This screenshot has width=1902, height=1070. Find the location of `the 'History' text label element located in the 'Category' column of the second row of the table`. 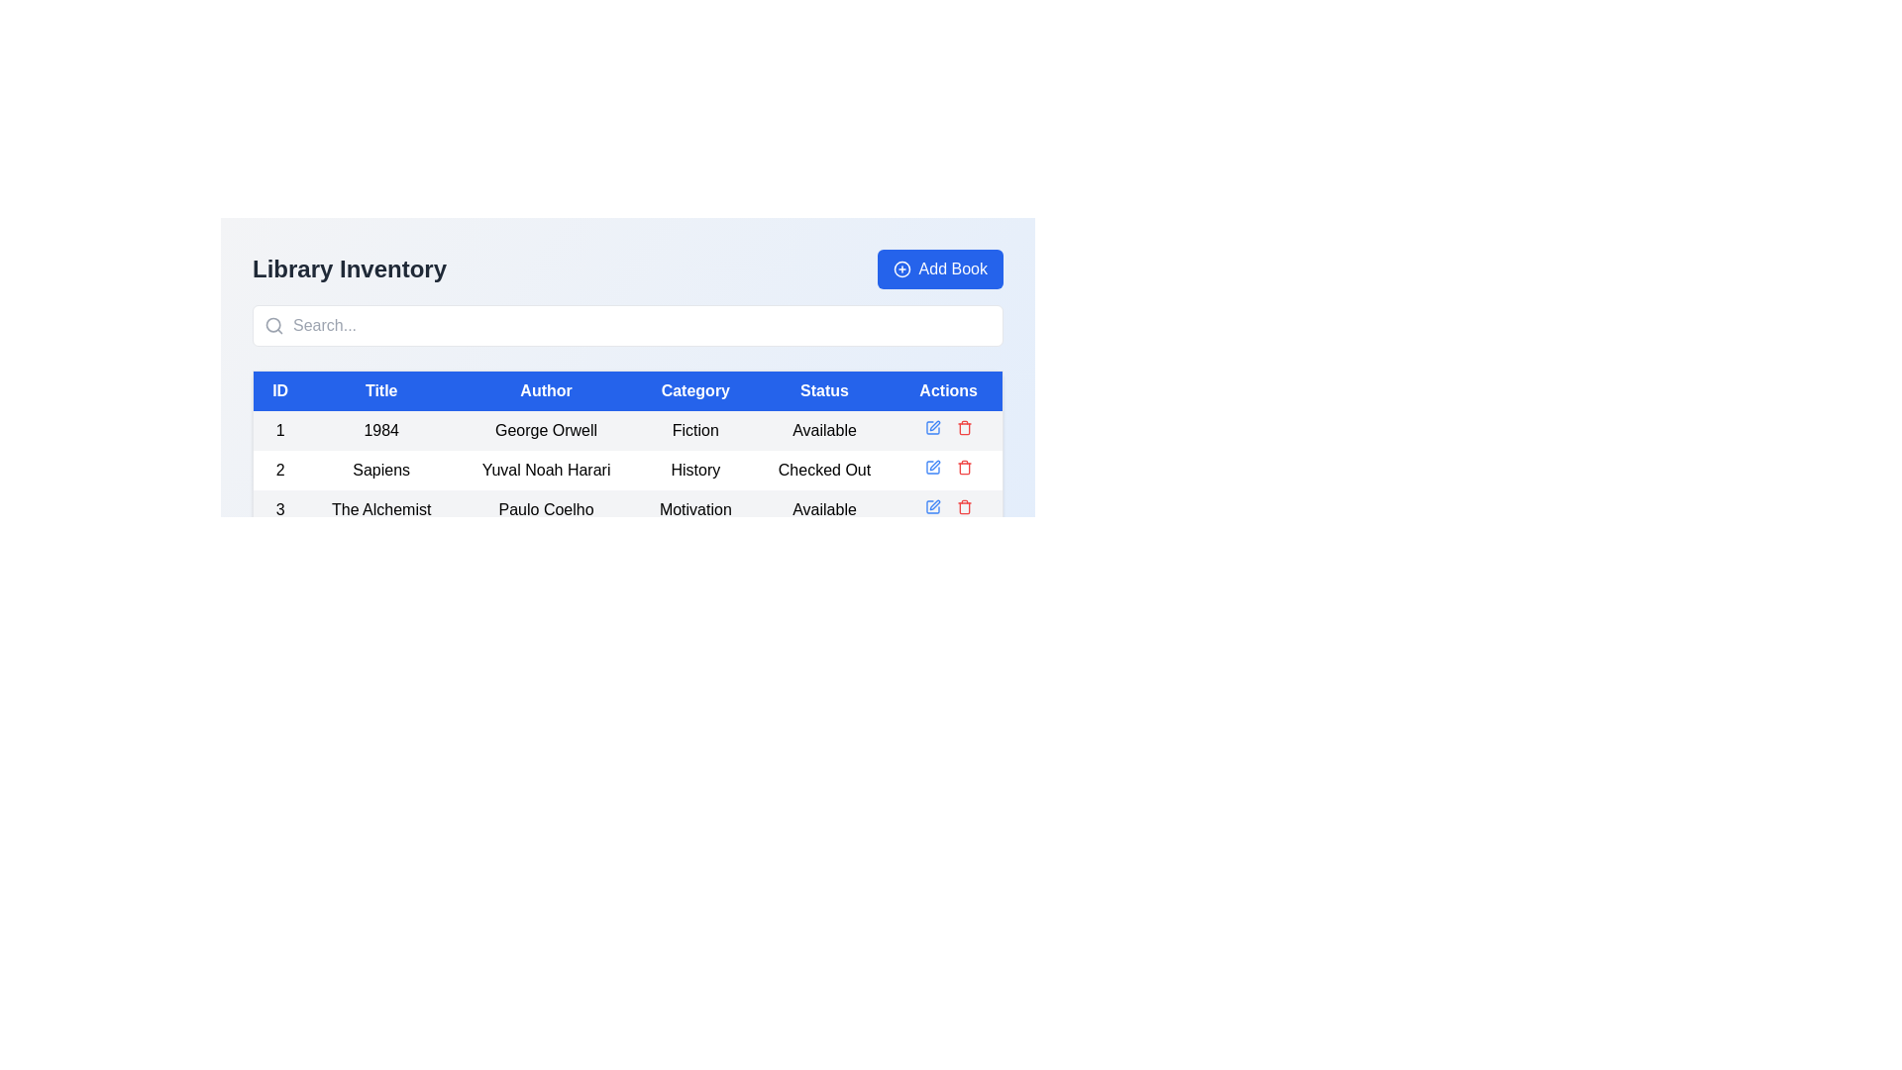

the 'History' text label element located in the 'Category' column of the second row of the table is located at coordinates (695, 470).